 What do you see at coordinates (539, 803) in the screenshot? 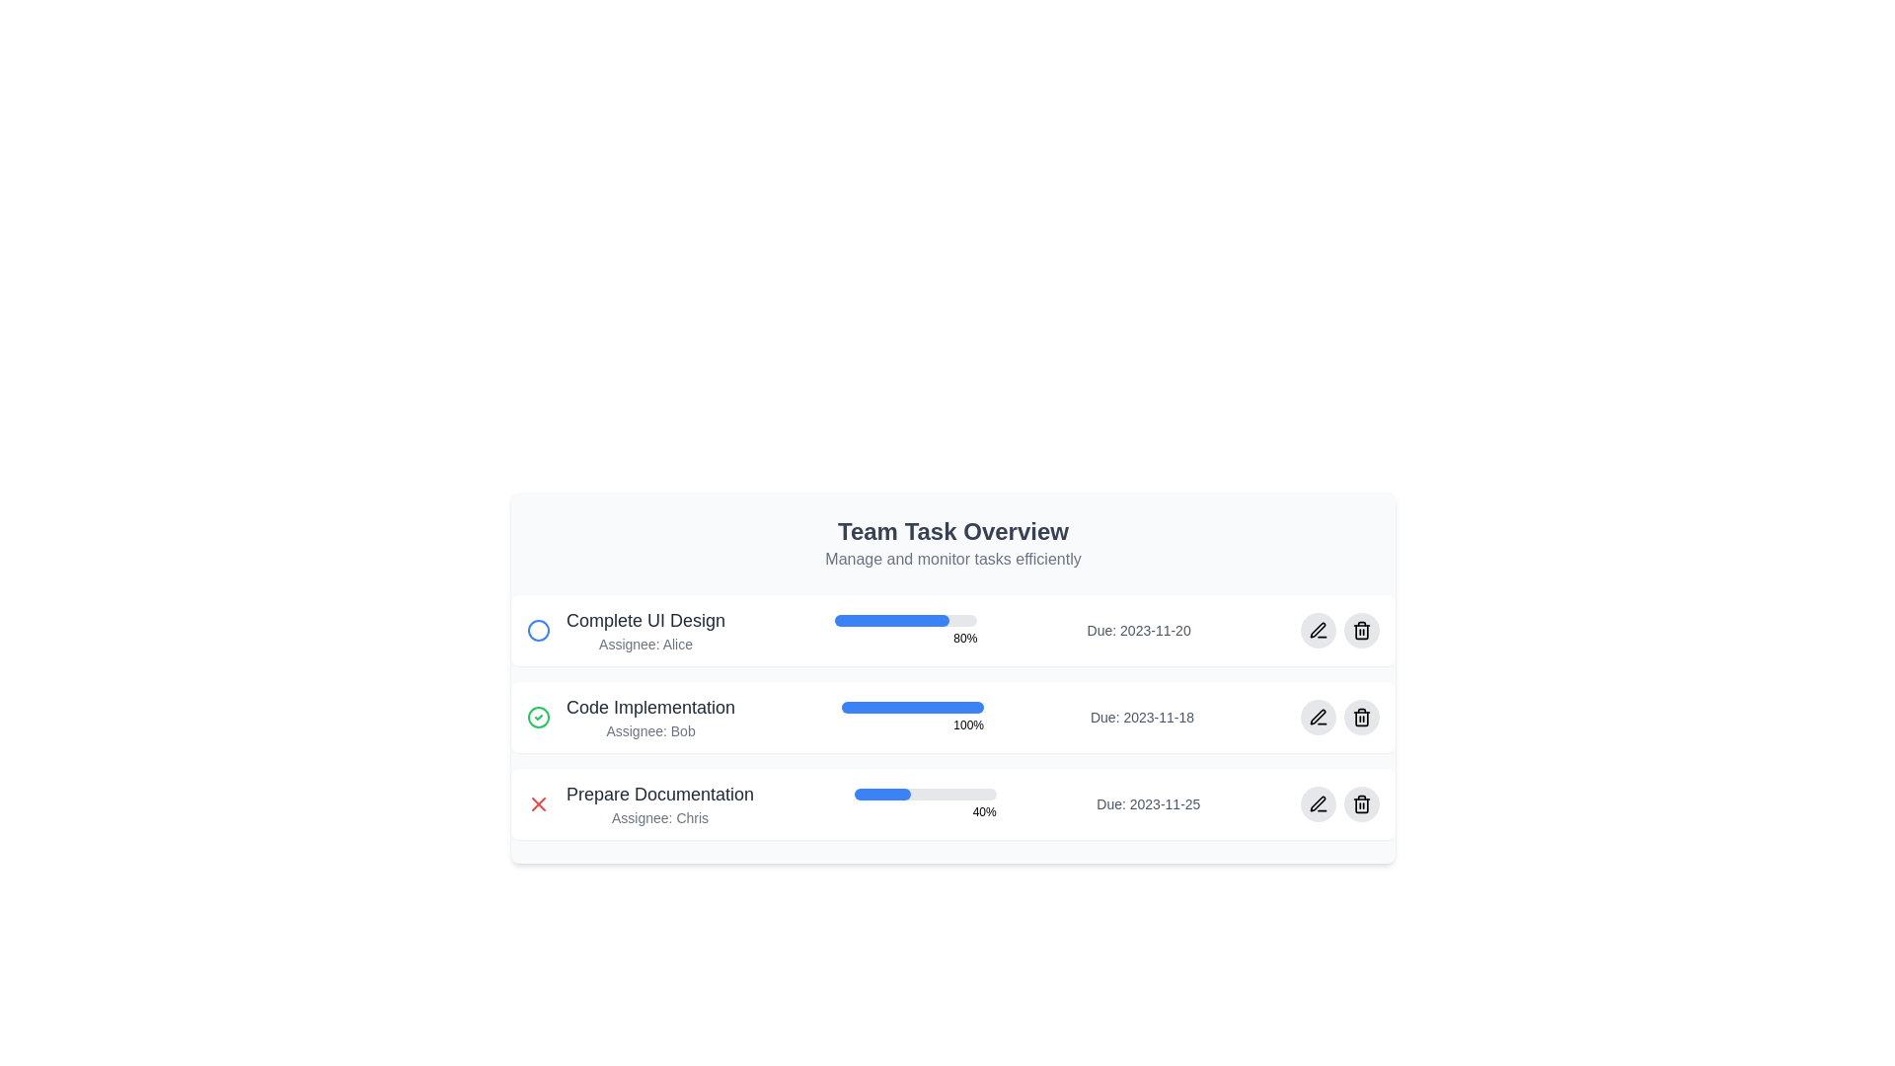
I see `the red 'X' icon in the third task row related to 'Prepare Documentation', located to the left of the task text` at bounding box center [539, 803].